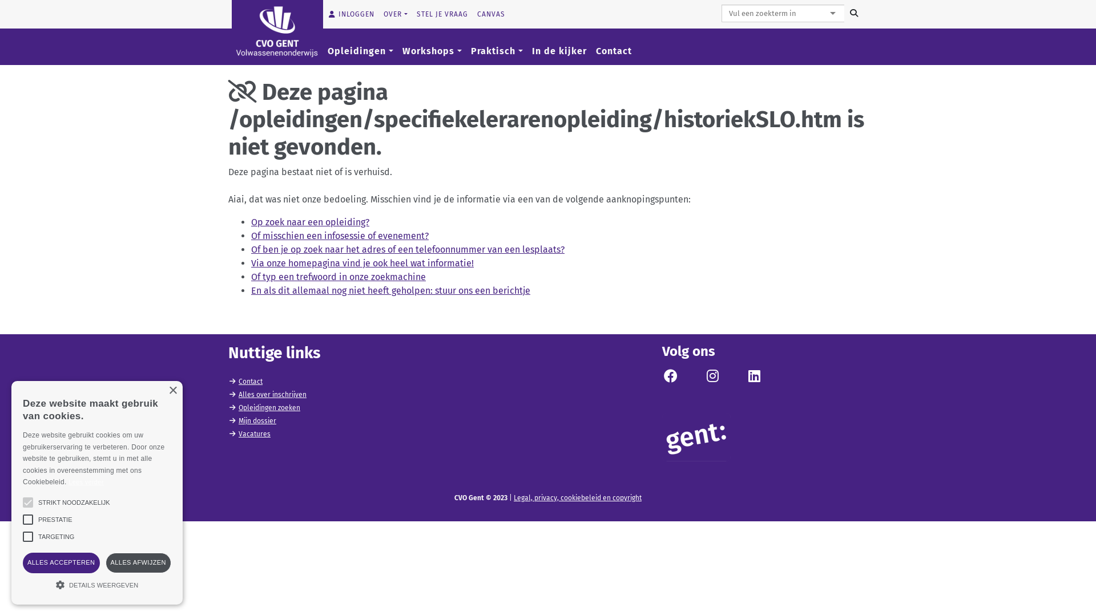 The height and width of the screenshot is (616, 1096). What do you see at coordinates (432, 50) in the screenshot?
I see `'Workshops'` at bounding box center [432, 50].